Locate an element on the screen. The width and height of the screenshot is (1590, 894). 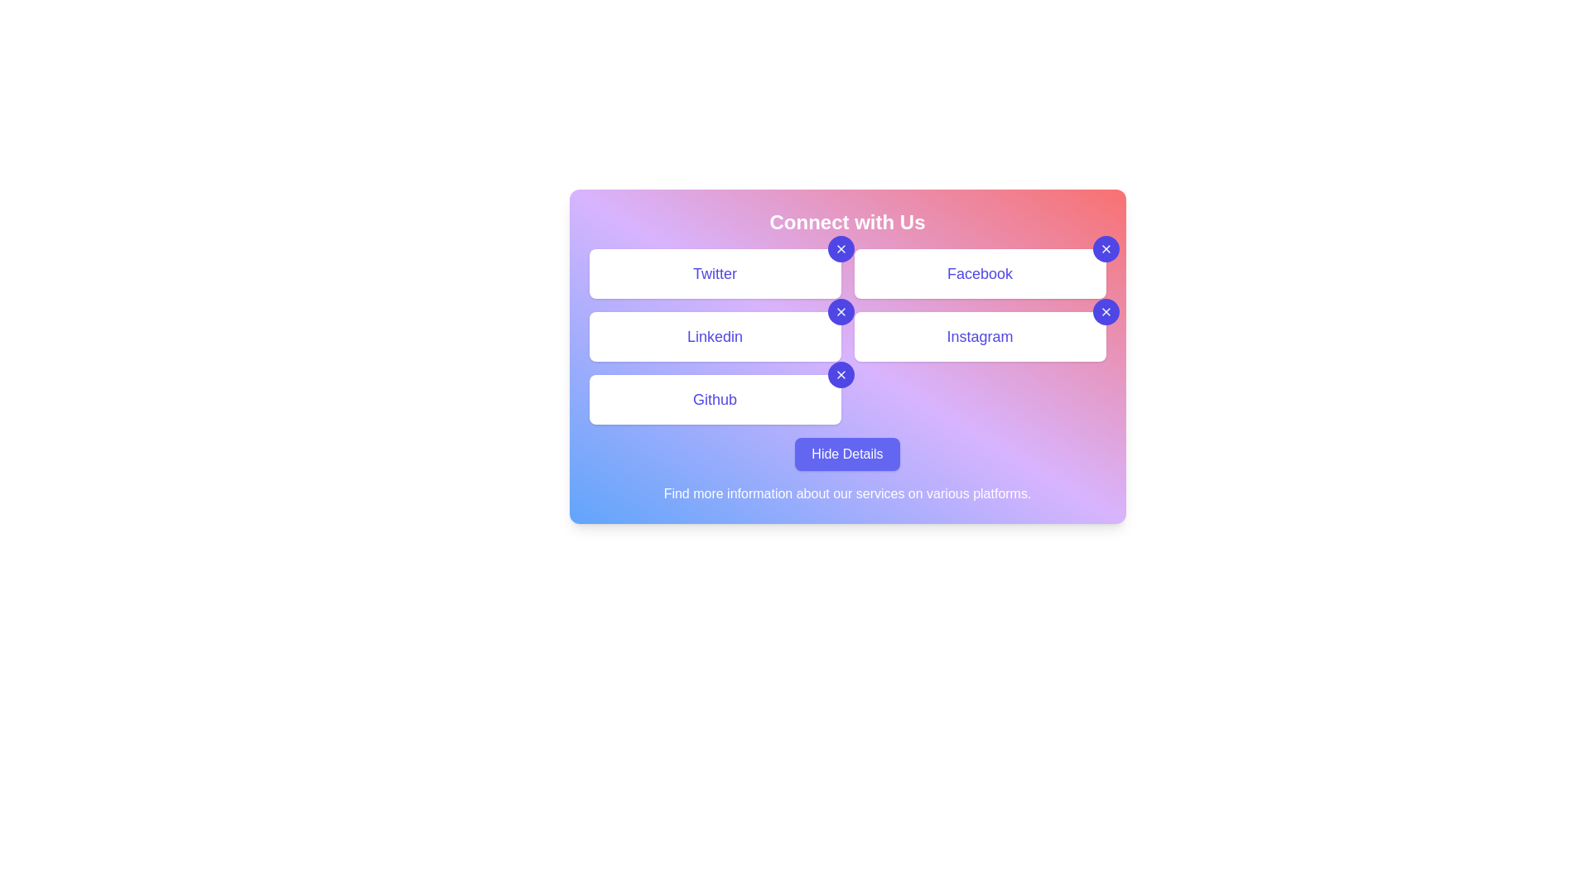
the Close Button located in the top-right corner of the Instagram section is located at coordinates (1106, 312).